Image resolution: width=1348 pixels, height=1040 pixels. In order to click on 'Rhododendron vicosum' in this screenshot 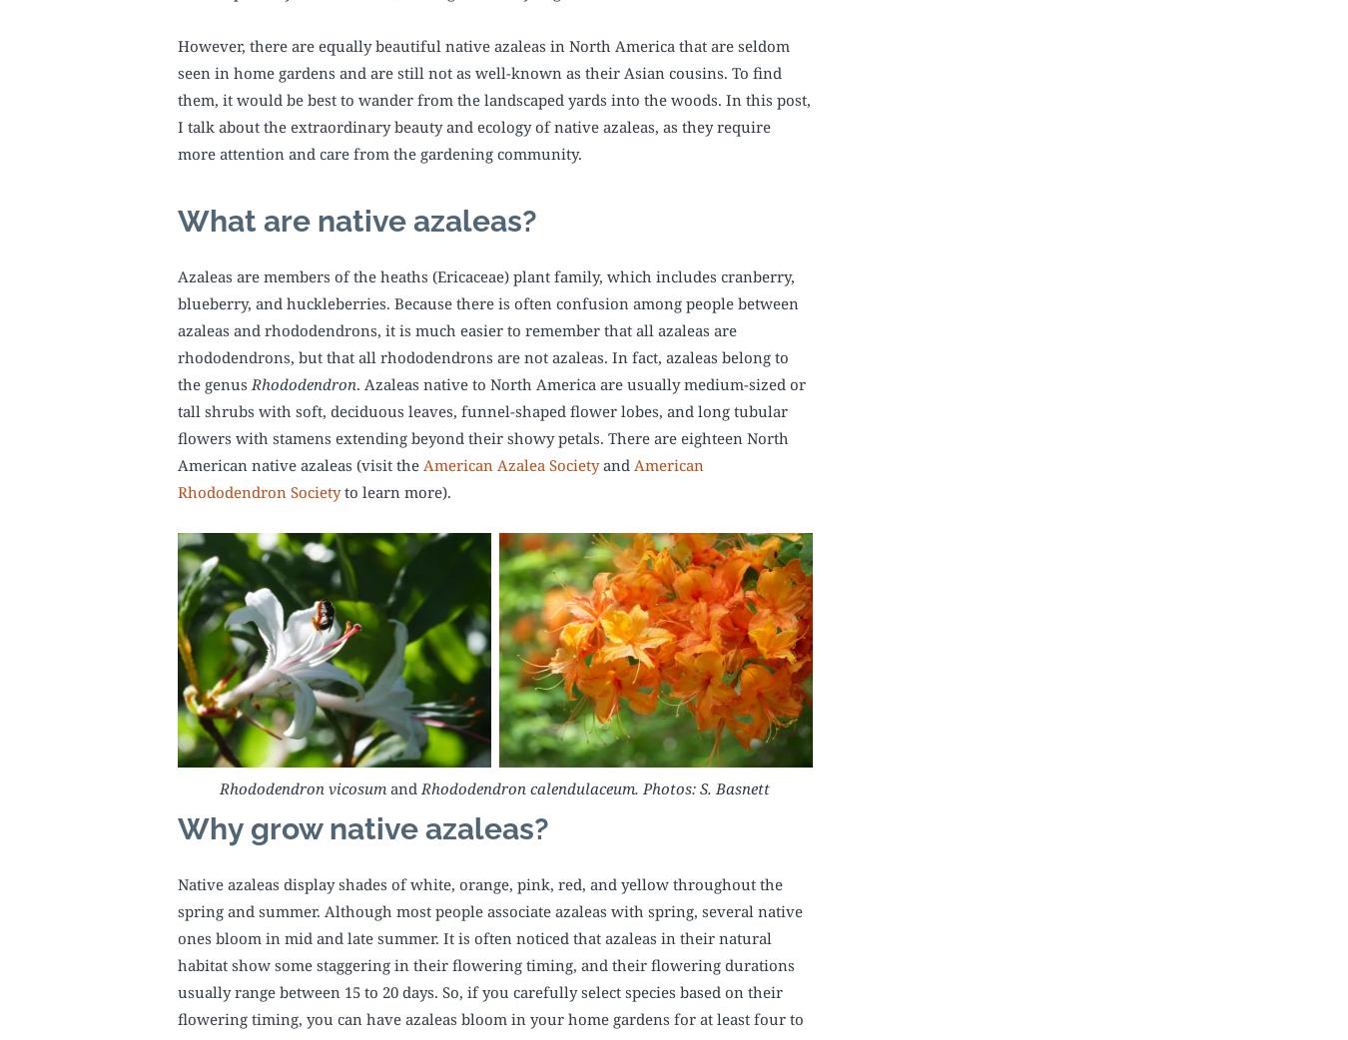, I will do `click(304, 787)`.